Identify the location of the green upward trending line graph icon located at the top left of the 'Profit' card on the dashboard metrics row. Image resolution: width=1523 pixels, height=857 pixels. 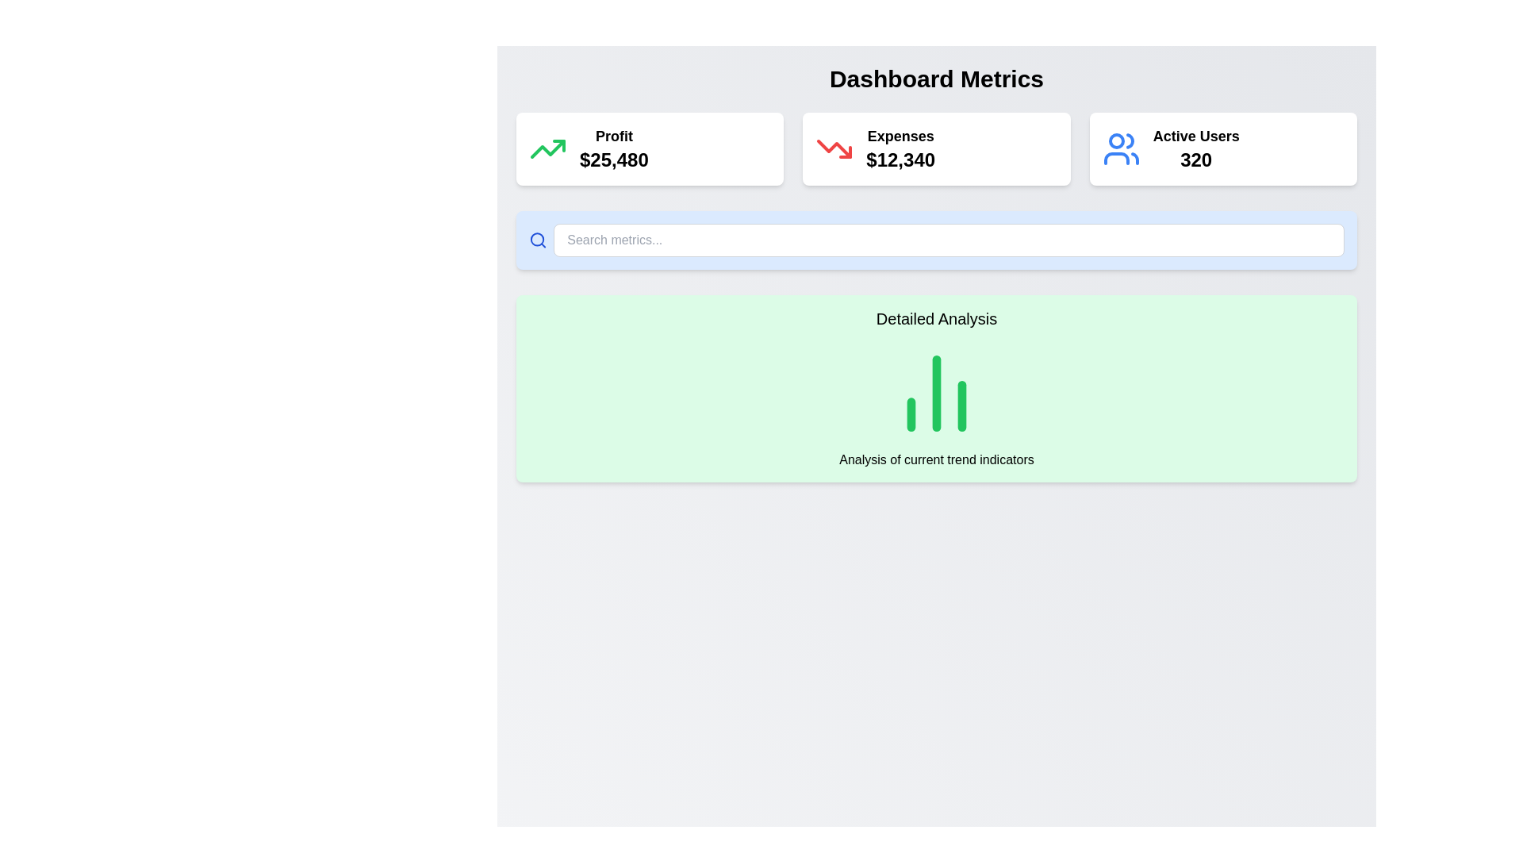
(548, 149).